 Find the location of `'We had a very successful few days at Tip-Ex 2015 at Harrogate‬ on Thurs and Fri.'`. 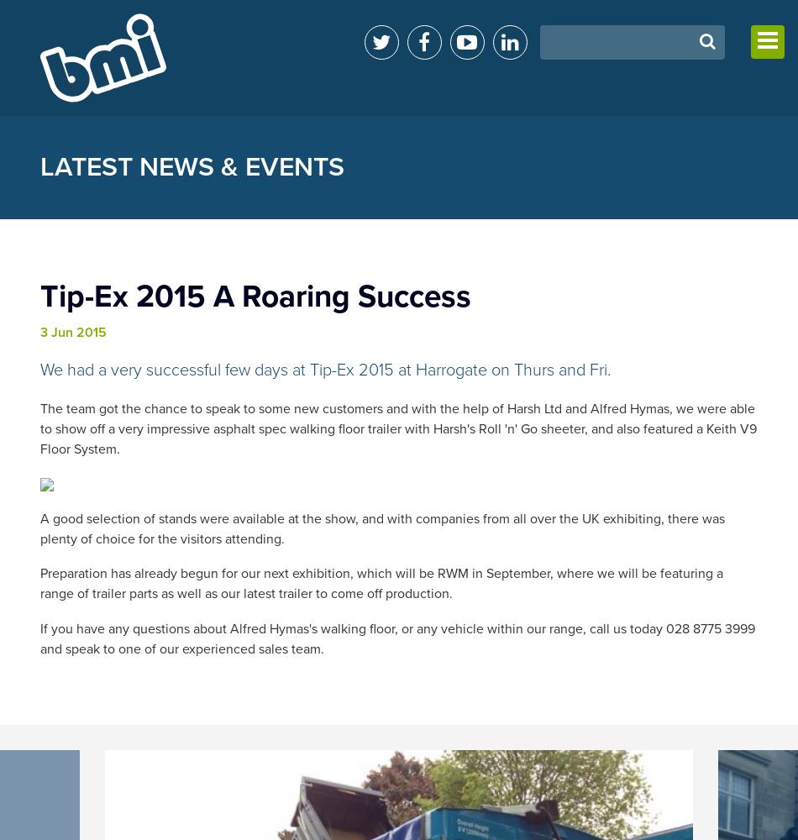

'We had a very successful few days at Tip-Ex 2015 at Harrogate‬ on Thurs and Fri.' is located at coordinates (323, 370).